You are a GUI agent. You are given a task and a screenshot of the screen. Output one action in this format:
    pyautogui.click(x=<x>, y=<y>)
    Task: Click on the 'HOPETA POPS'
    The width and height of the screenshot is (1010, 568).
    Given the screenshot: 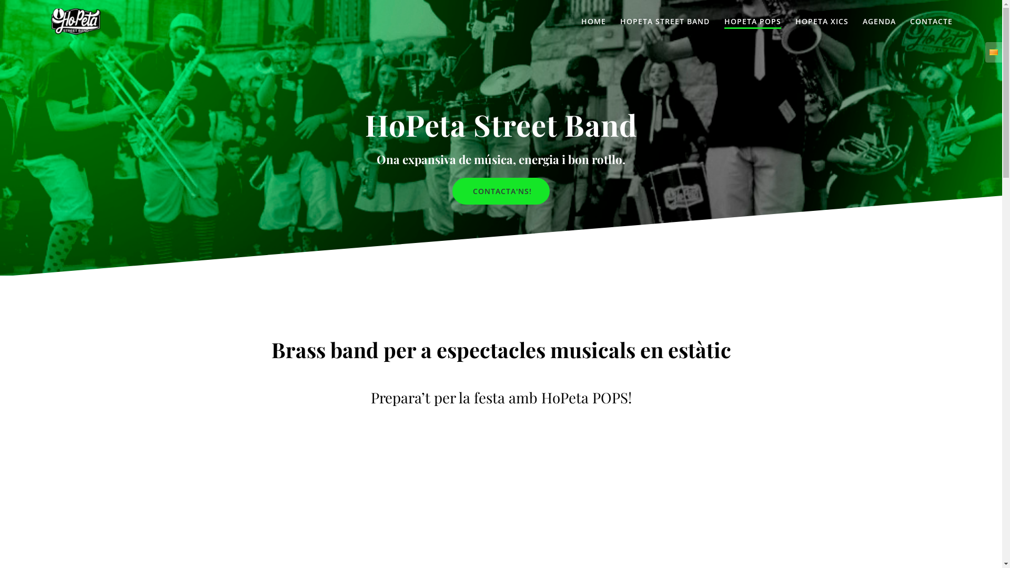 What is the action you would take?
    pyautogui.click(x=724, y=22)
    